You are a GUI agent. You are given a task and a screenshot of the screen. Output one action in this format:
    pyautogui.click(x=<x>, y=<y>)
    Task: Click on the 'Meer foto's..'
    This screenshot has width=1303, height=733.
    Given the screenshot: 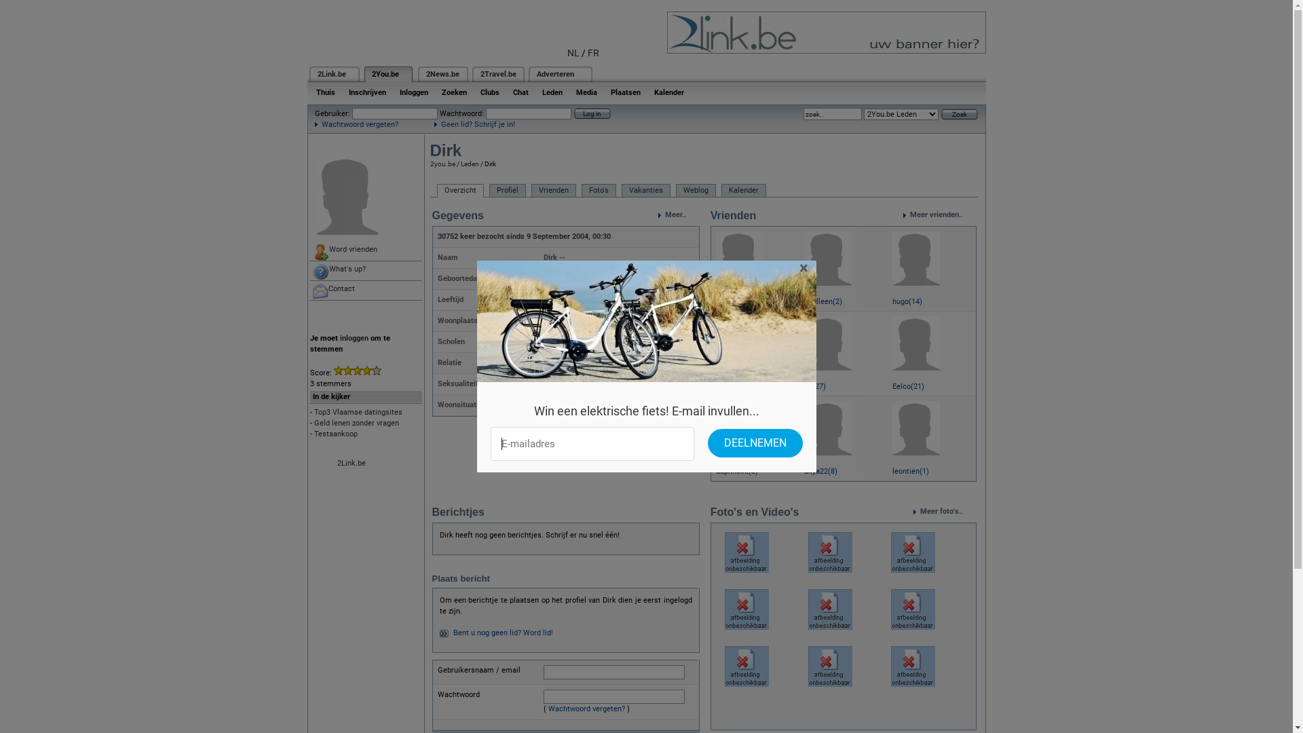 What is the action you would take?
    pyautogui.click(x=944, y=511)
    